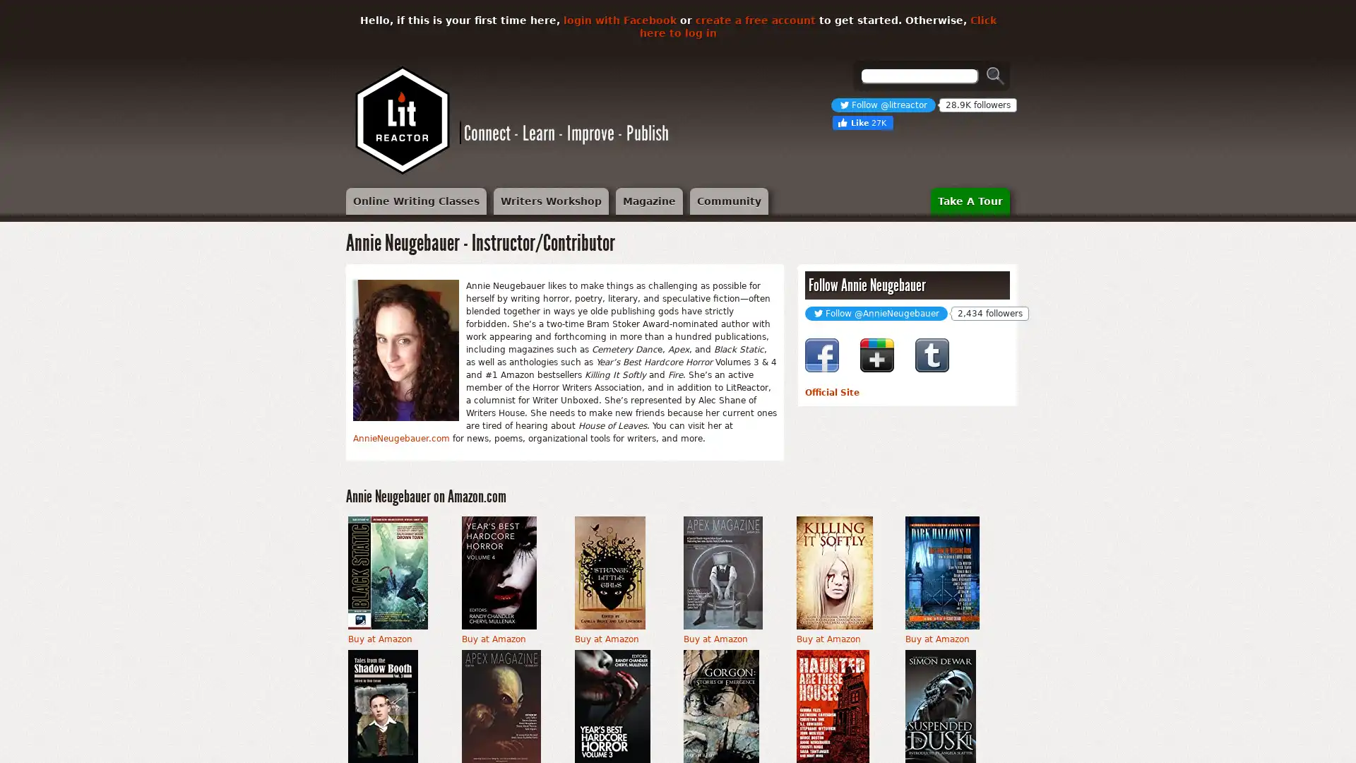 Image resolution: width=1356 pixels, height=763 pixels. What do you see at coordinates (995, 76) in the screenshot?
I see `Search` at bounding box center [995, 76].